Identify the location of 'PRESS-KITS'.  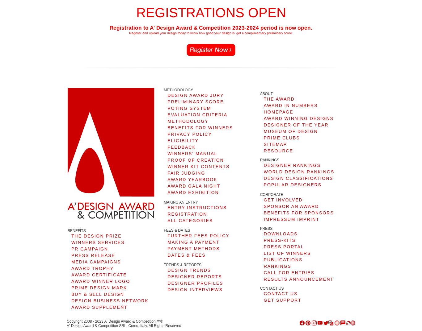
(279, 240).